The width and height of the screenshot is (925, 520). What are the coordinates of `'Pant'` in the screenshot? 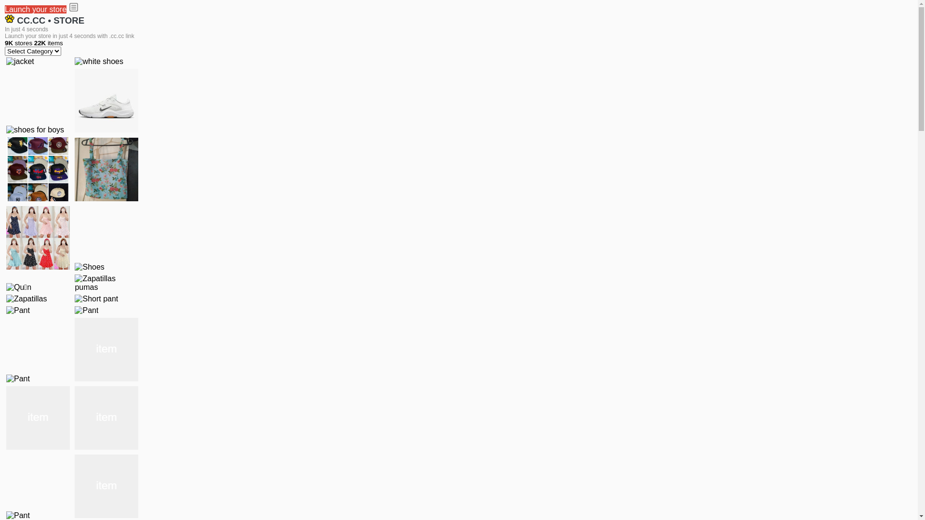 It's located at (106, 349).